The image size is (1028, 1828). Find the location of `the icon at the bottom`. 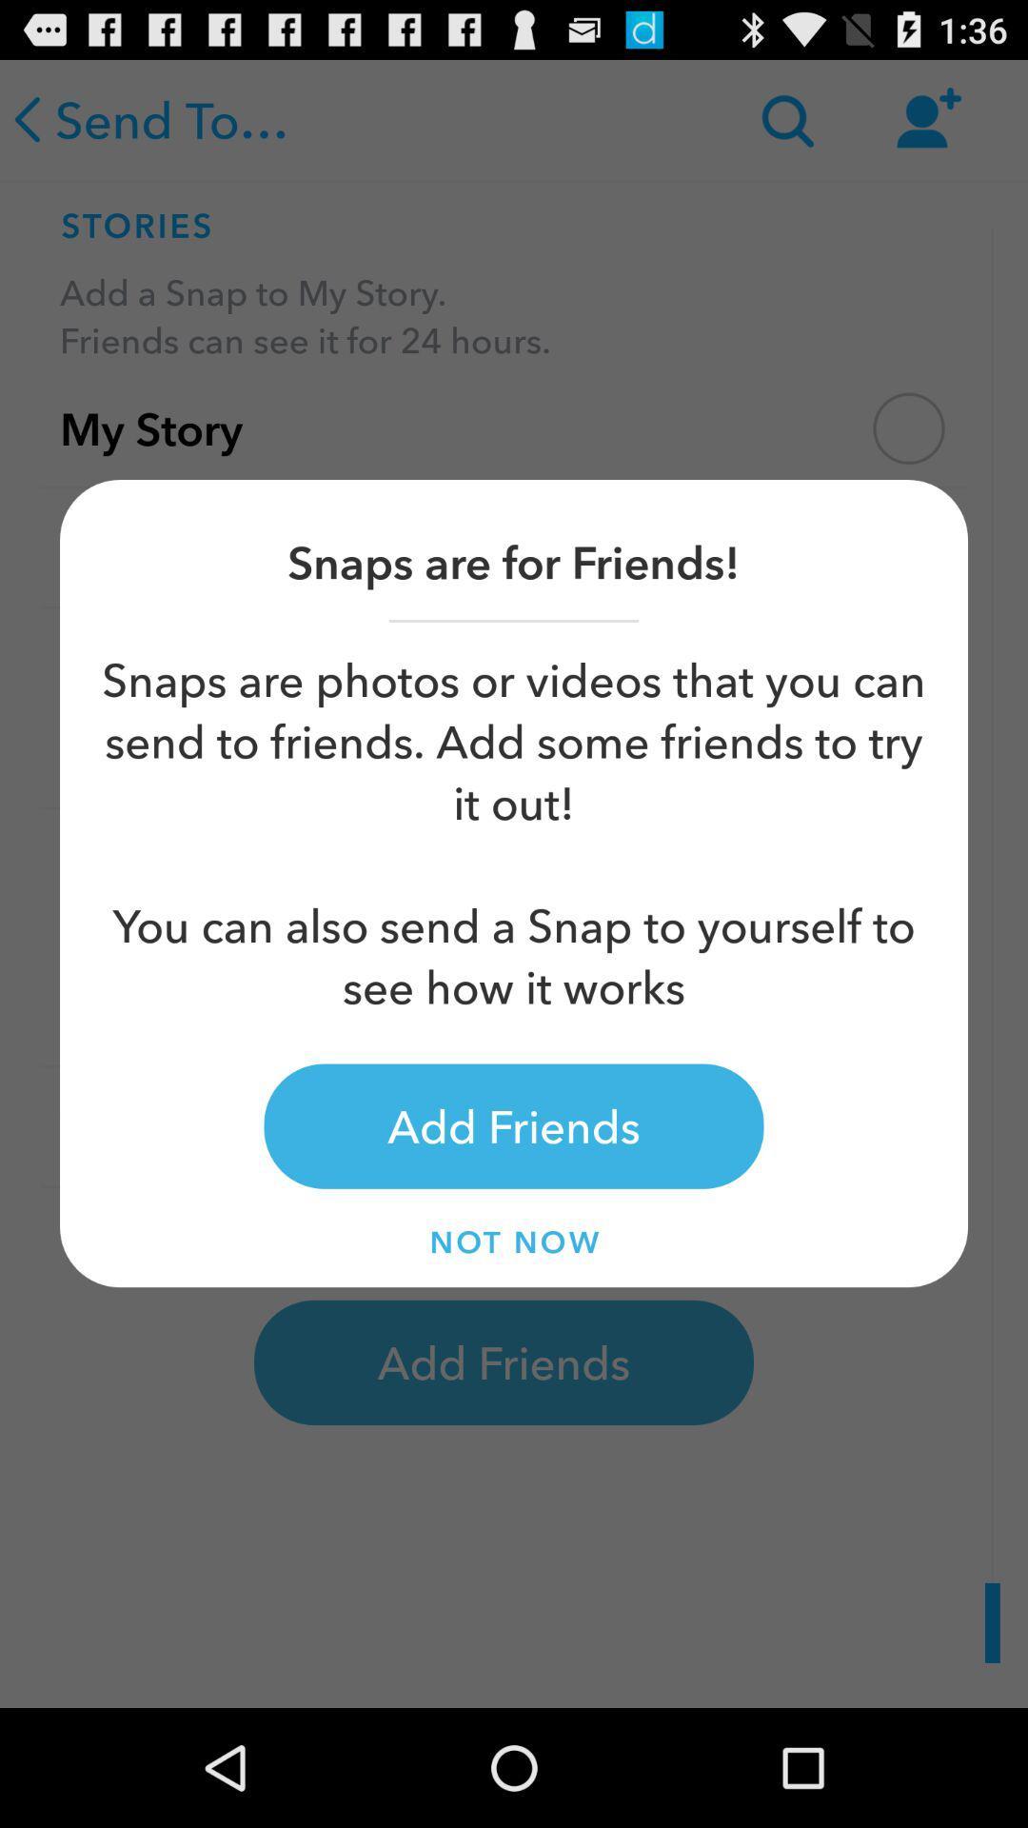

the icon at the bottom is located at coordinates (514, 1242).